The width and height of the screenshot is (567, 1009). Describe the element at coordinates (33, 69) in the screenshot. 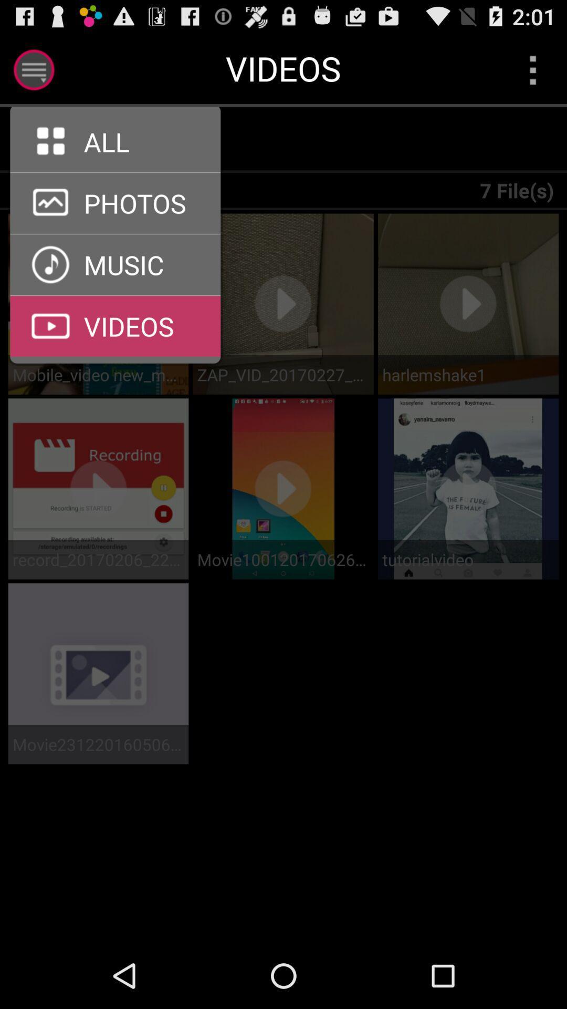

I see `open menu` at that location.